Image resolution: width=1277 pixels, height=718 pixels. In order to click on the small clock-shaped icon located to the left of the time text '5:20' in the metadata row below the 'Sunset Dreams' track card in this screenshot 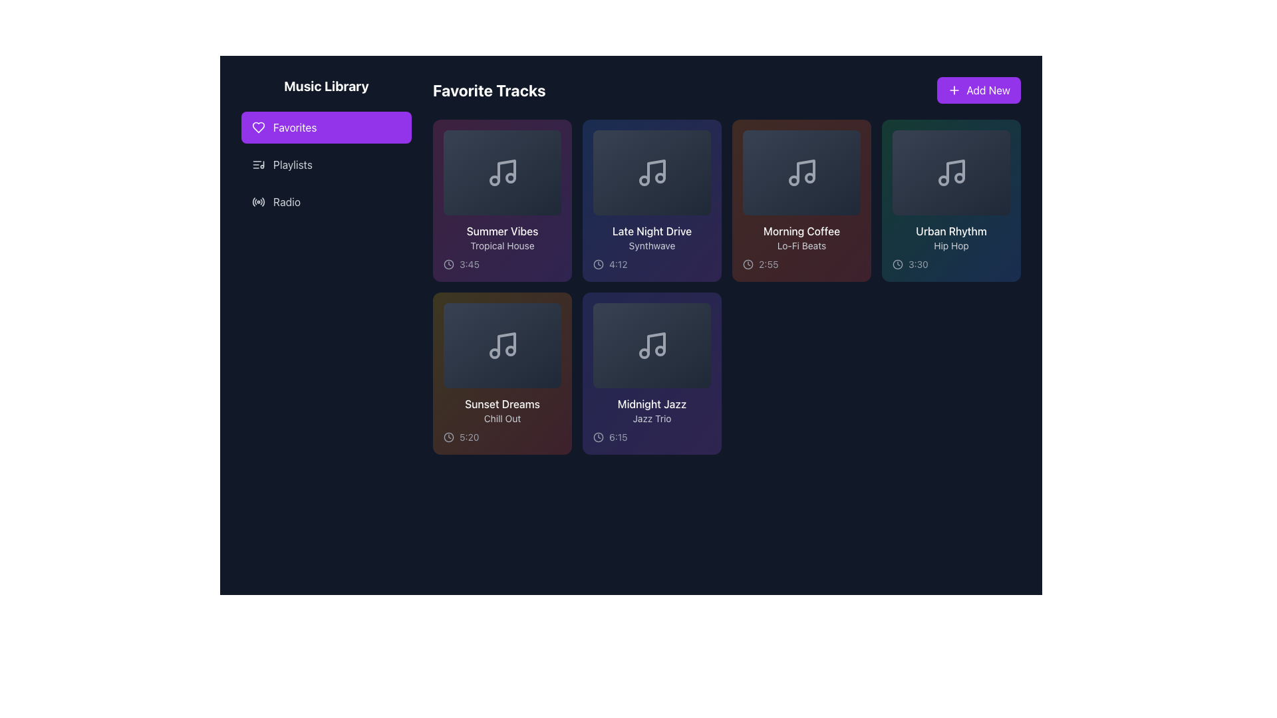, I will do `click(449, 437)`.